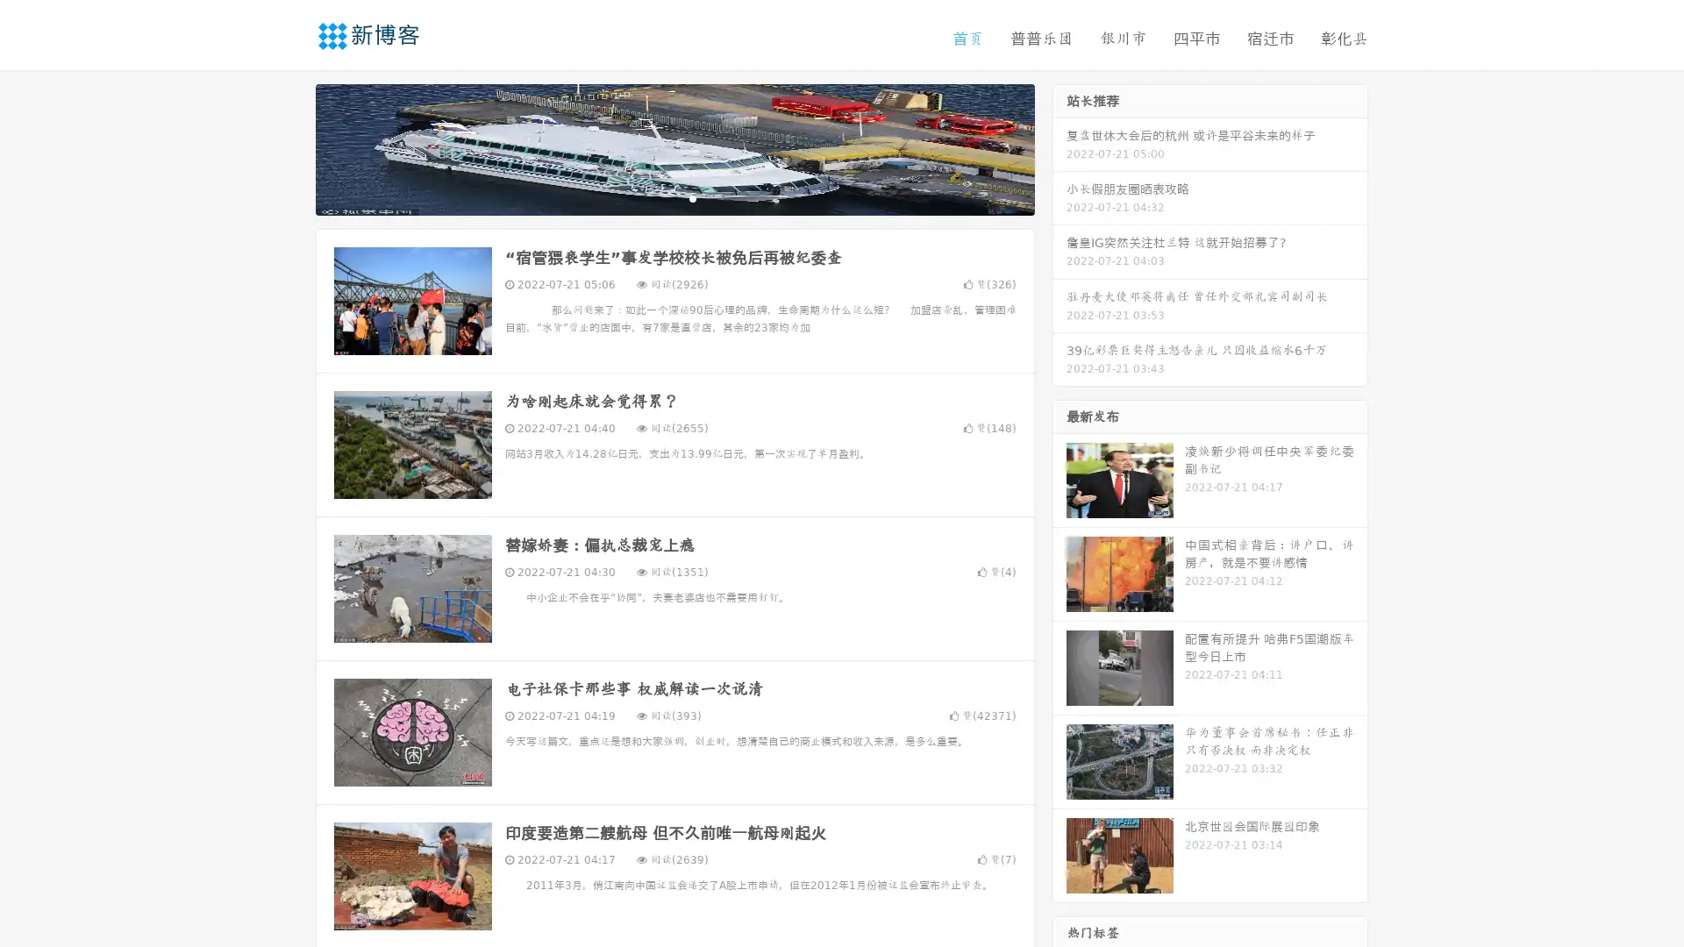 Image resolution: width=1684 pixels, height=947 pixels. Describe the element at coordinates (656, 197) in the screenshot. I see `Go to slide 1` at that location.